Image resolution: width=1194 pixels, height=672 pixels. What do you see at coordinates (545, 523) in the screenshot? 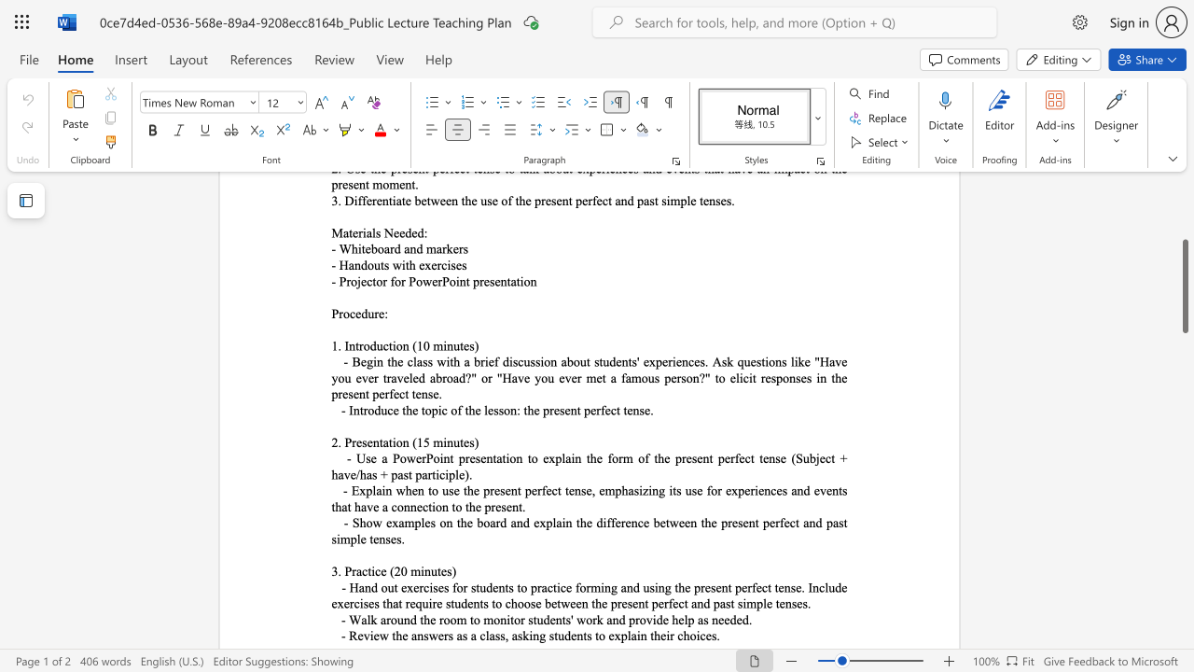
I see `the subset text "plain the difference between the present perfect and past simp" within the text "- Show examples on the board and explain the difference between the present perfect and past simple tenses."` at bounding box center [545, 523].